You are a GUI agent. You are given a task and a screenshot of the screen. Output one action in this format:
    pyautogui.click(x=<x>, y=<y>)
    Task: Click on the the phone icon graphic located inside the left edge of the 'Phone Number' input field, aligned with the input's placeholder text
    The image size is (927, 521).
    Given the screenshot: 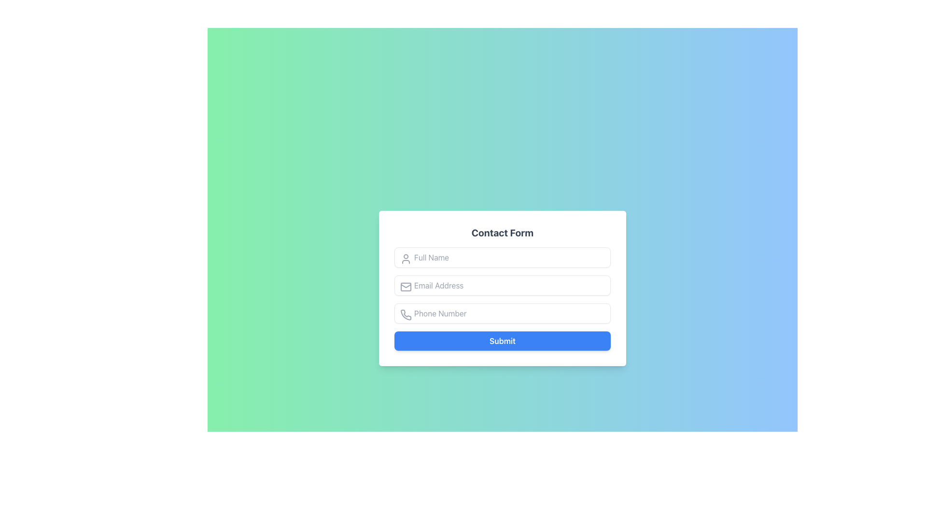 What is the action you would take?
    pyautogui.click(x=406, y=315)
    